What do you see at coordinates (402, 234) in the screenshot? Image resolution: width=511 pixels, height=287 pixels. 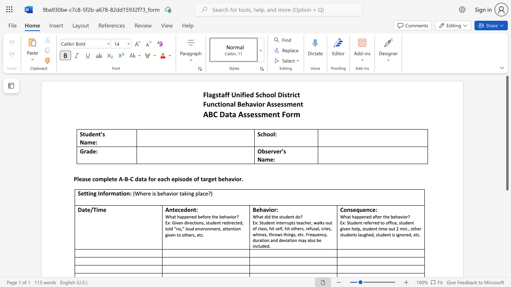 I see `the subset text "ored," within the text "tudent referred to office, student given help, student time out 2 min., other students laughed, student is ignored, etc."` at bounding box center [402, 234].